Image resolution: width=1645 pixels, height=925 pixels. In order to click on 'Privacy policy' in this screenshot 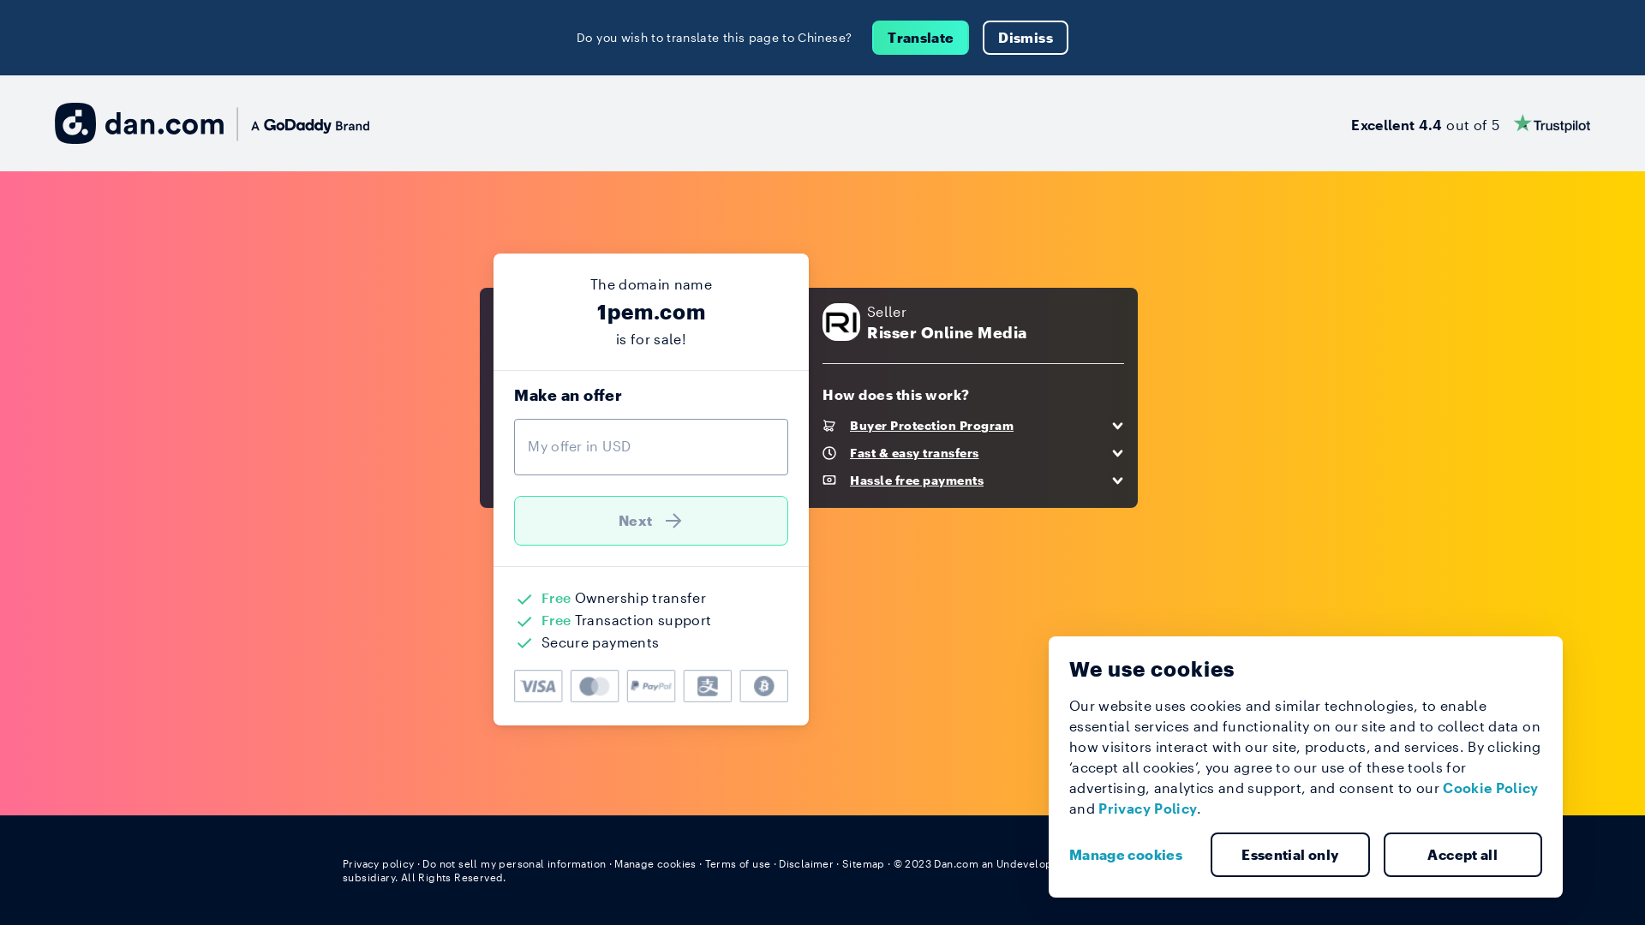, I will do `click(377, 862)`.